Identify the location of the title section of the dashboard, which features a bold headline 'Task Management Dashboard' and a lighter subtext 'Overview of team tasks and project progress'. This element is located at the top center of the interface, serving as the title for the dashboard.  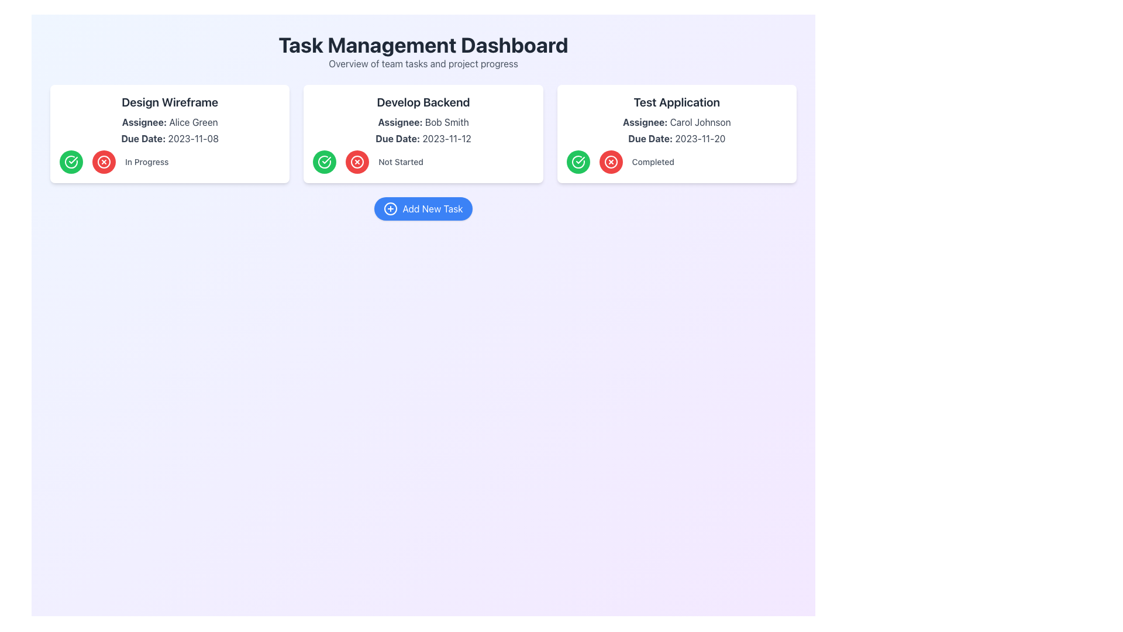
(423, 51).